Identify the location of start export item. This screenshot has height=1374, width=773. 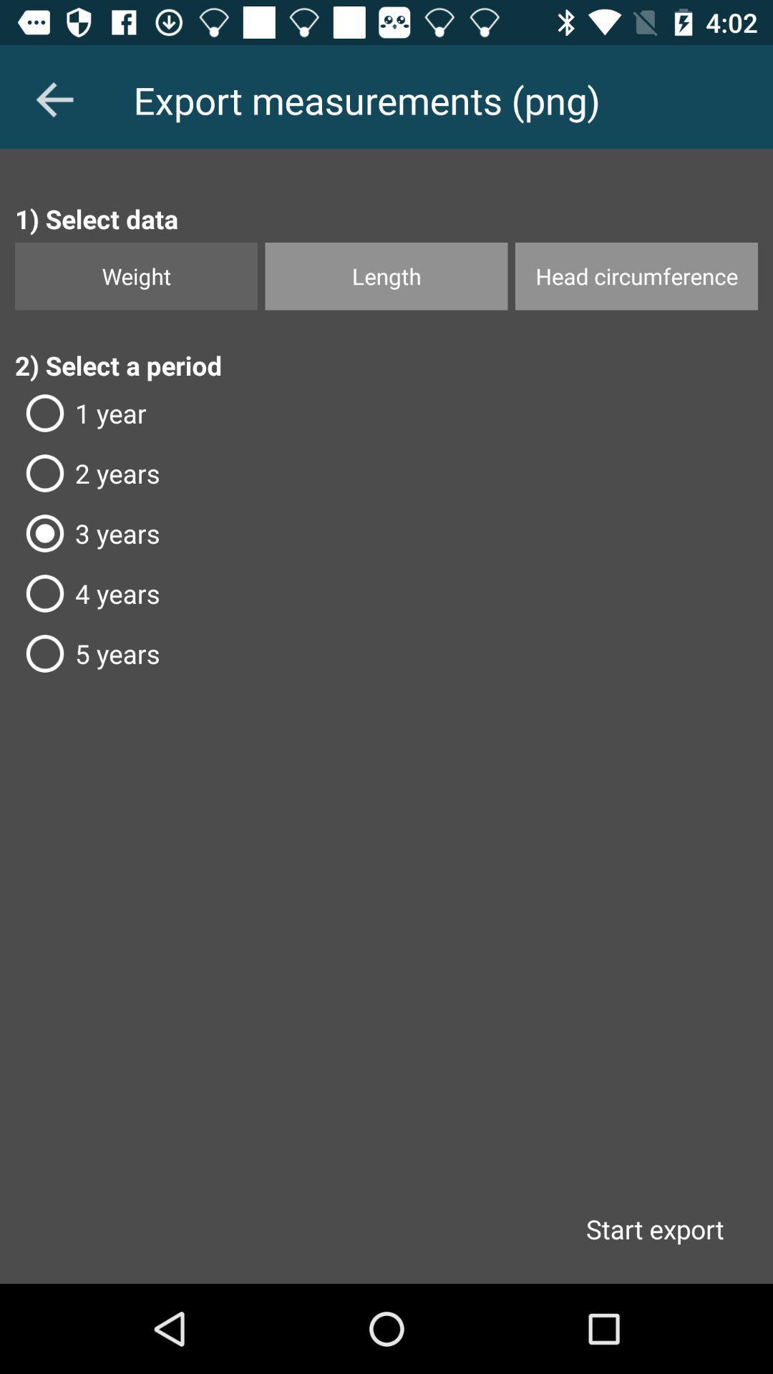
(655, 1228).